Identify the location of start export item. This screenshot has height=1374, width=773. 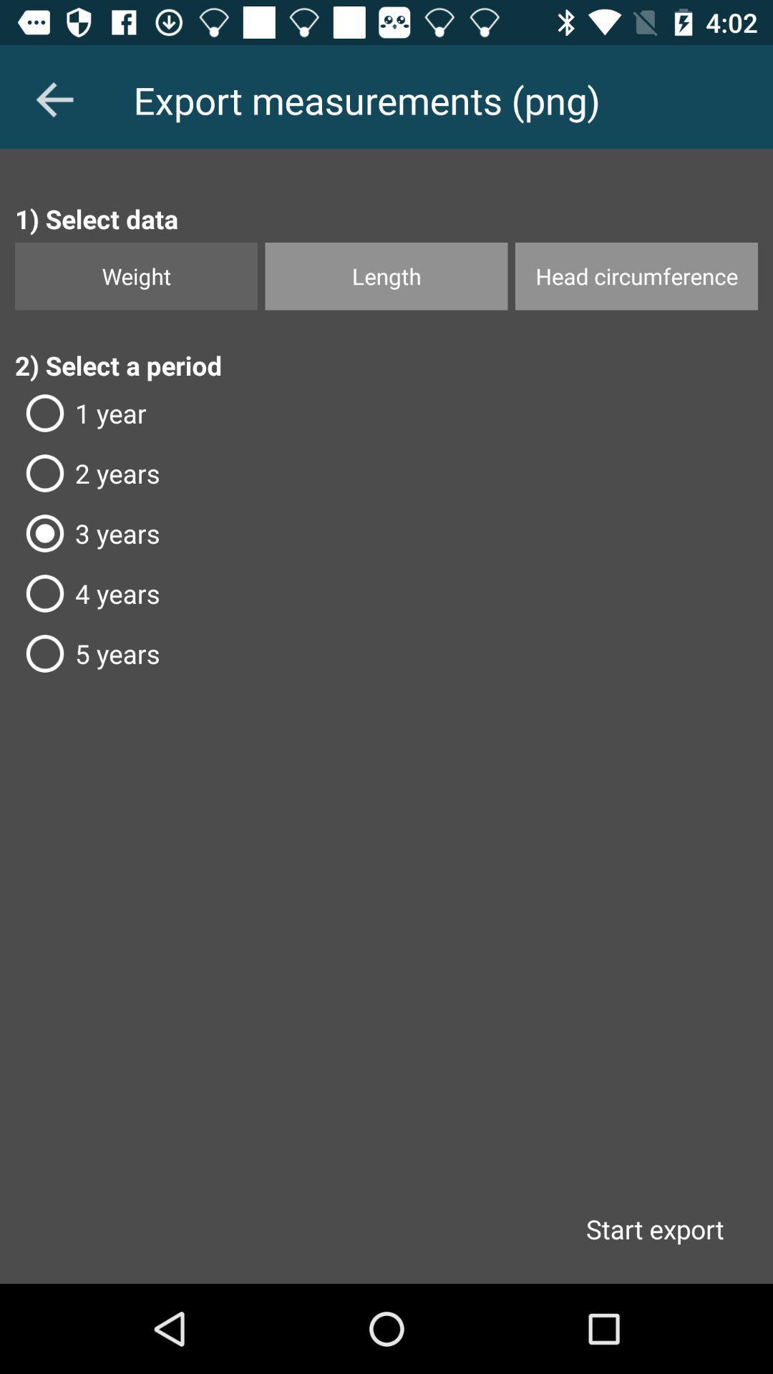
(655, 1228).